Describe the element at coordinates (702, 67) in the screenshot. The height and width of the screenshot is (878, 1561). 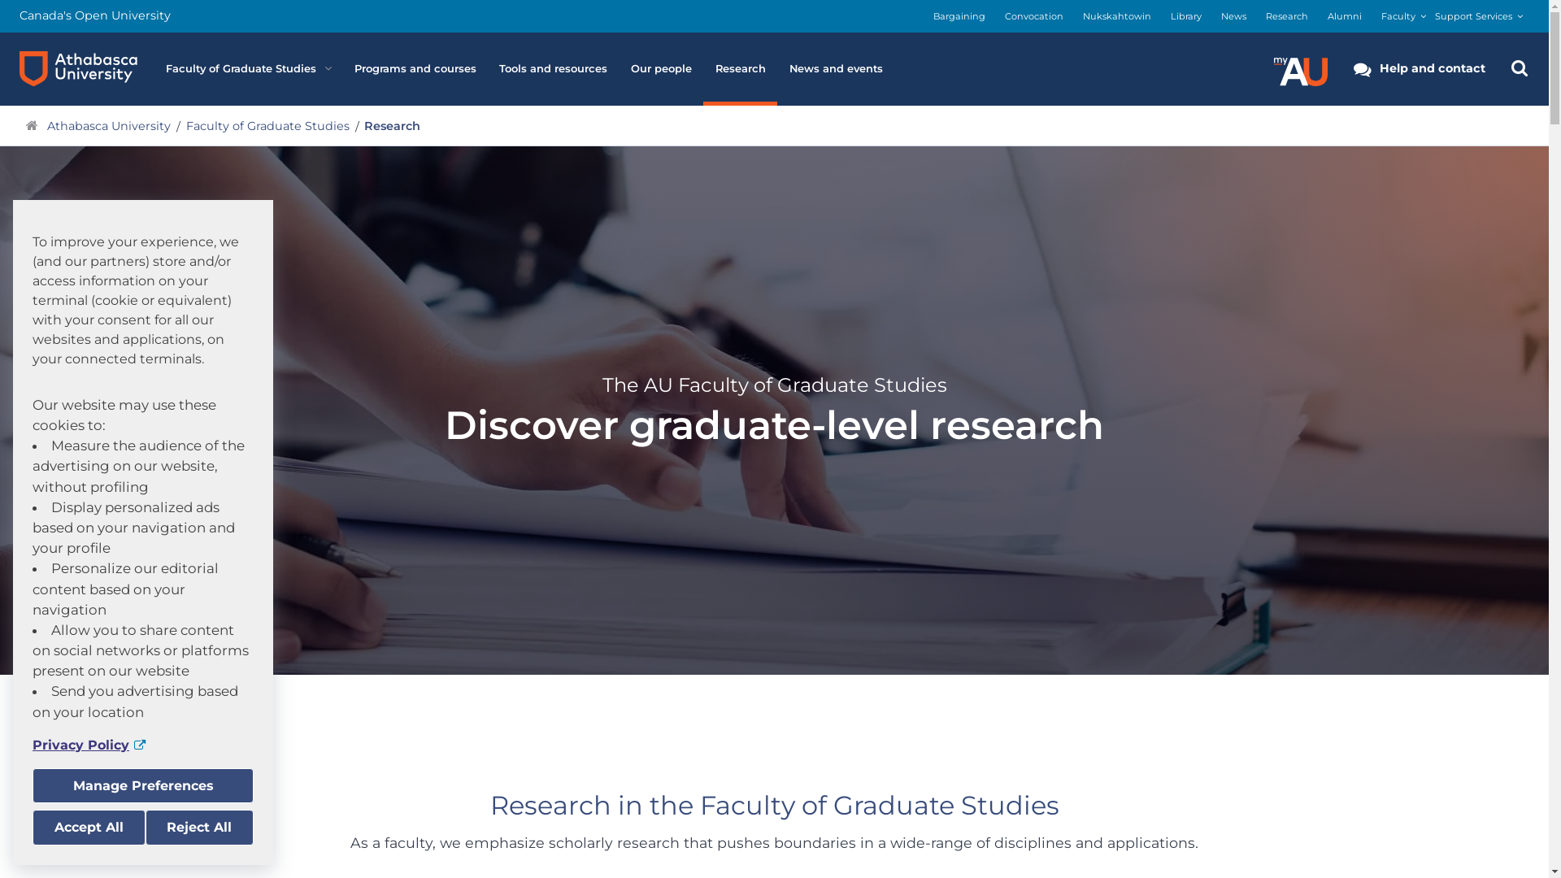
I see `'Research'` at that location.